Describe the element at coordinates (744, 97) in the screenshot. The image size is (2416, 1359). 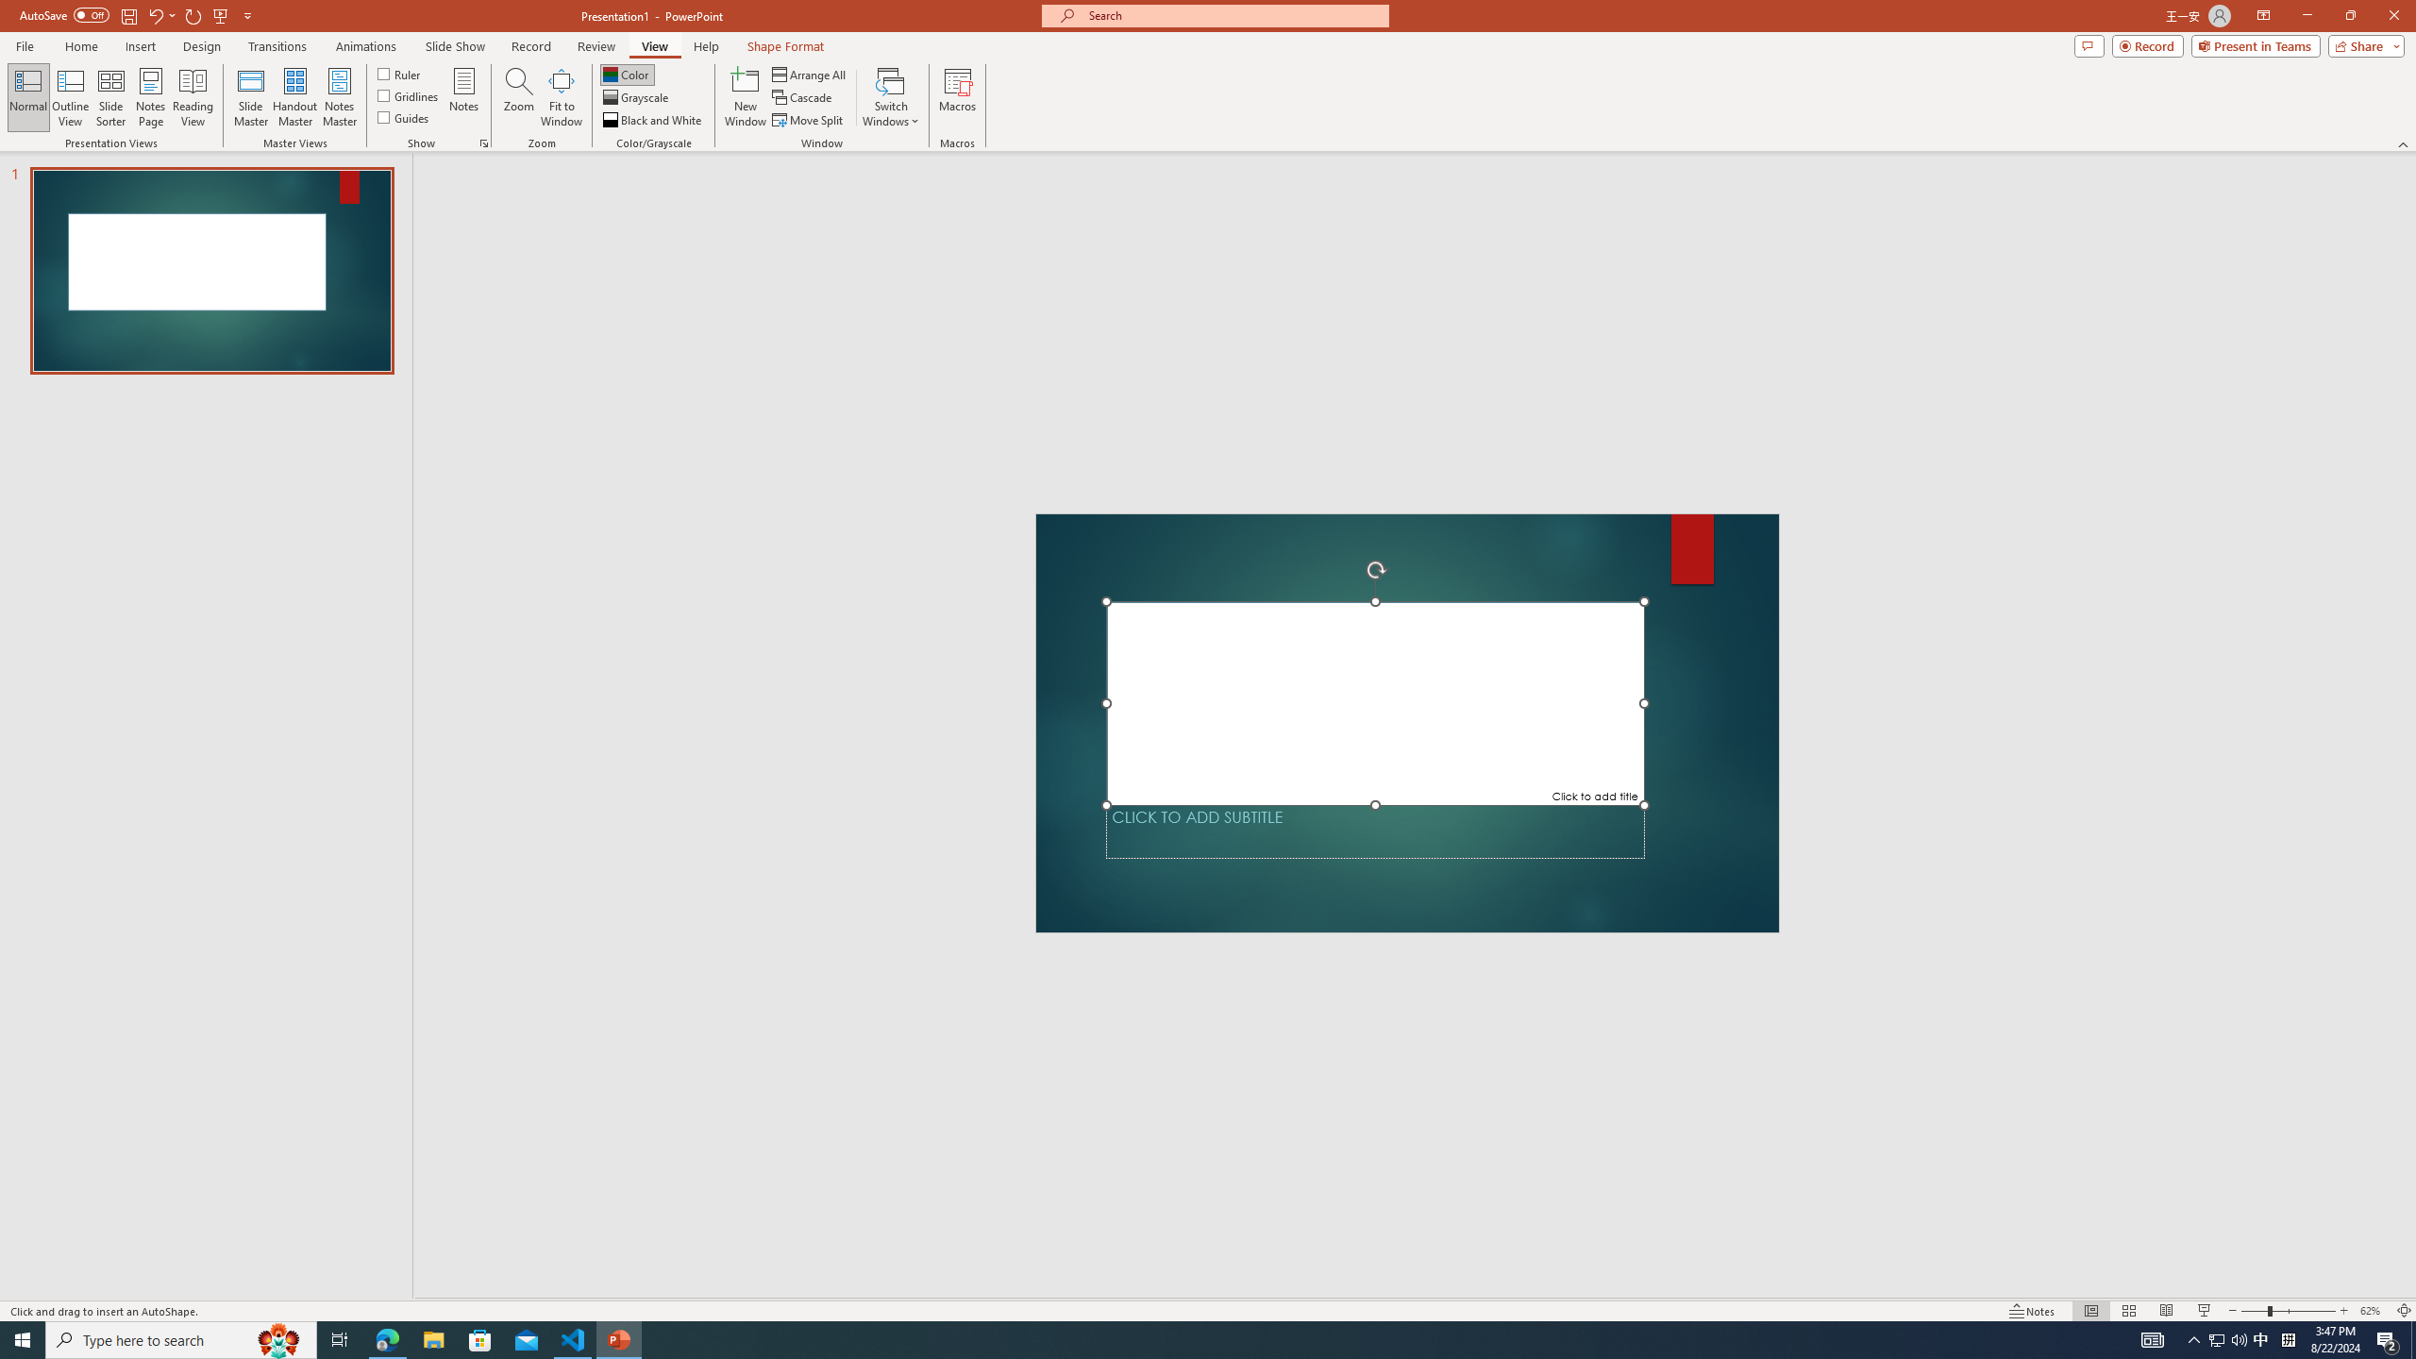
I see `'New Window'` at that location.